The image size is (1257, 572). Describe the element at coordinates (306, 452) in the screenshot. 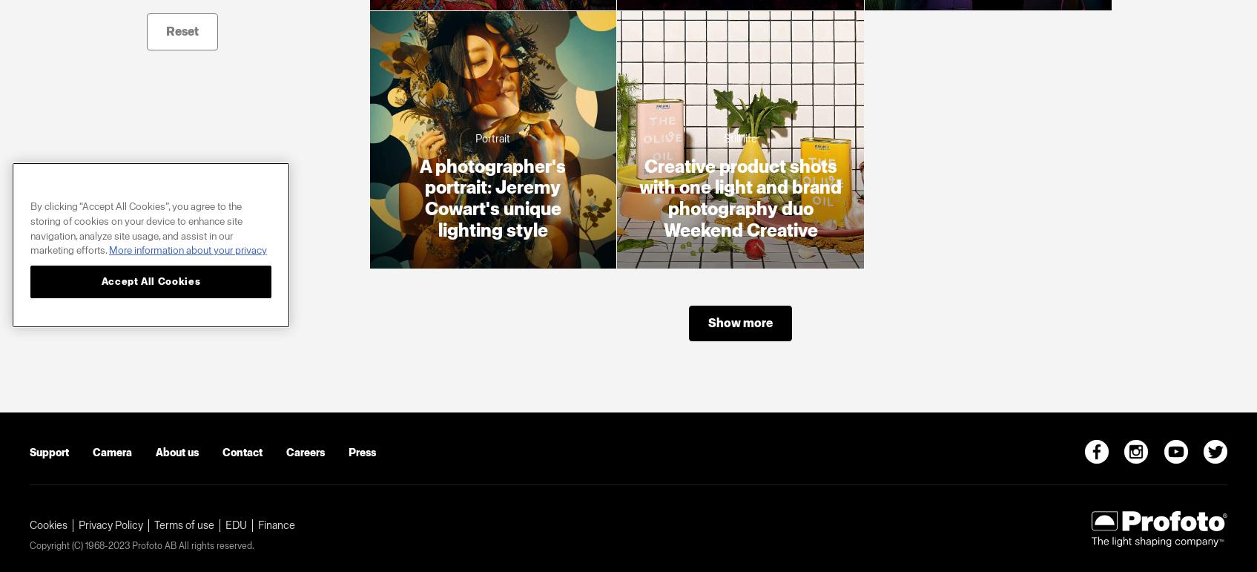

I see `'Careers'` at that location.